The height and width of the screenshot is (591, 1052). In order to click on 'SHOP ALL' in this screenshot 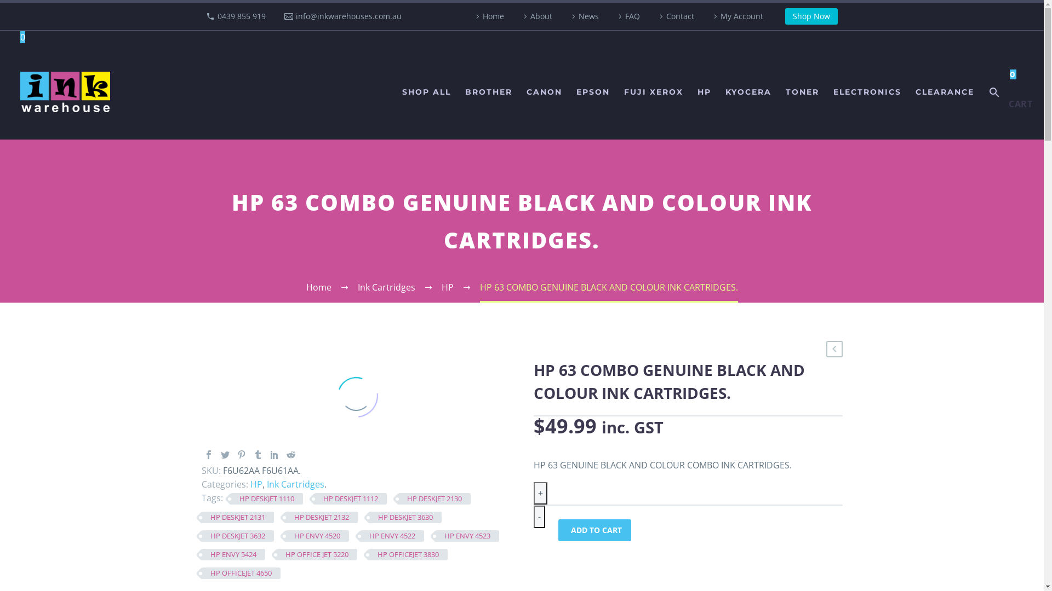, I will do `click(426, 91)`.